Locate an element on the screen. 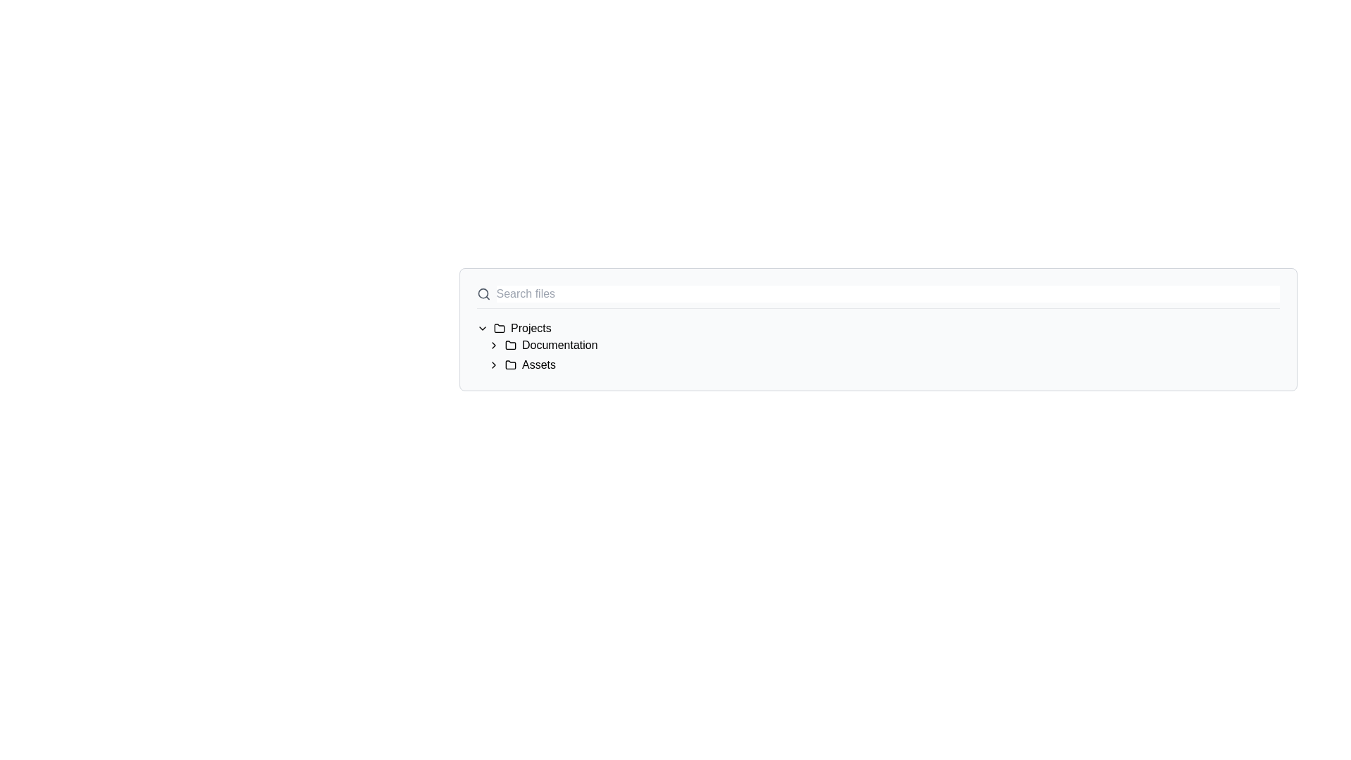 This screenshot has width=1351, height=760. the small folder icon located to the left of the 'Projects' text label, which is styled with thin, rounded lines and complements the application's theme is located at coordinates (500, 328).